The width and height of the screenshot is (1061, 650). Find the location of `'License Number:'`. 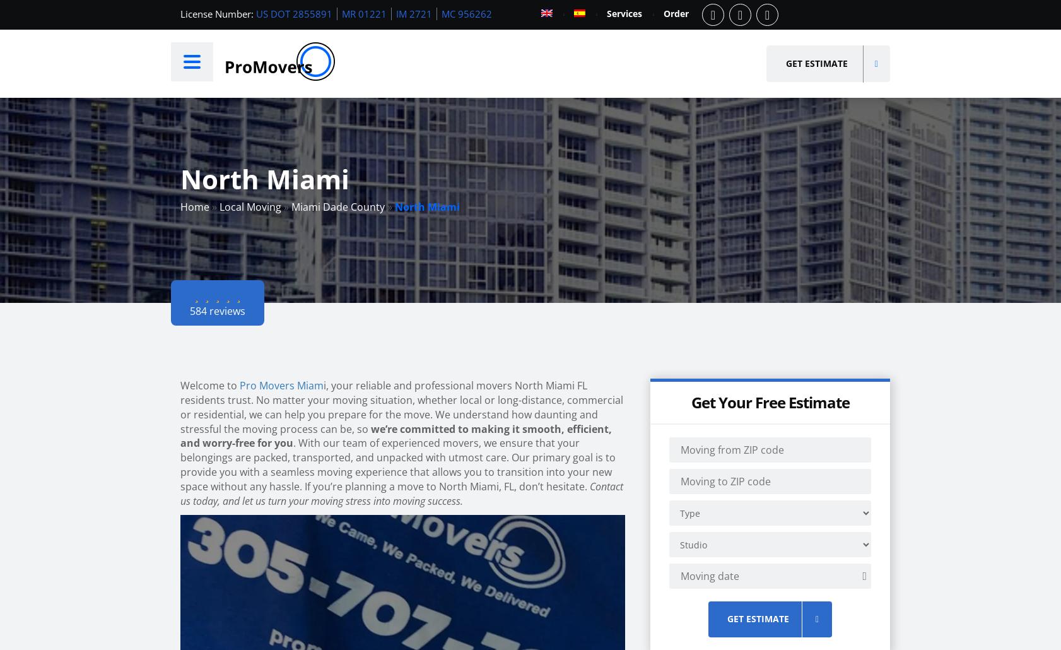

'License Number:' is located at coordinates (217, 14).